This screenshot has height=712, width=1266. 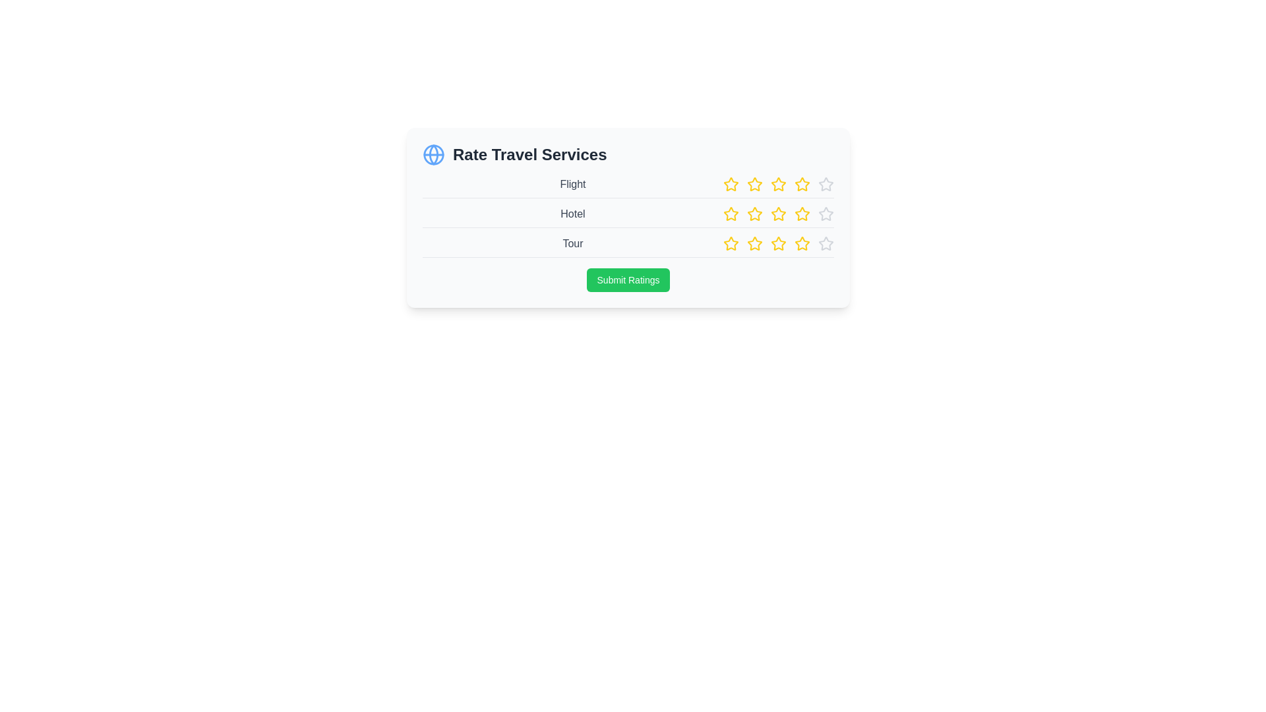 I want to click on the second star icon in the 'Flight' rating row, so click(x=754, y=183).